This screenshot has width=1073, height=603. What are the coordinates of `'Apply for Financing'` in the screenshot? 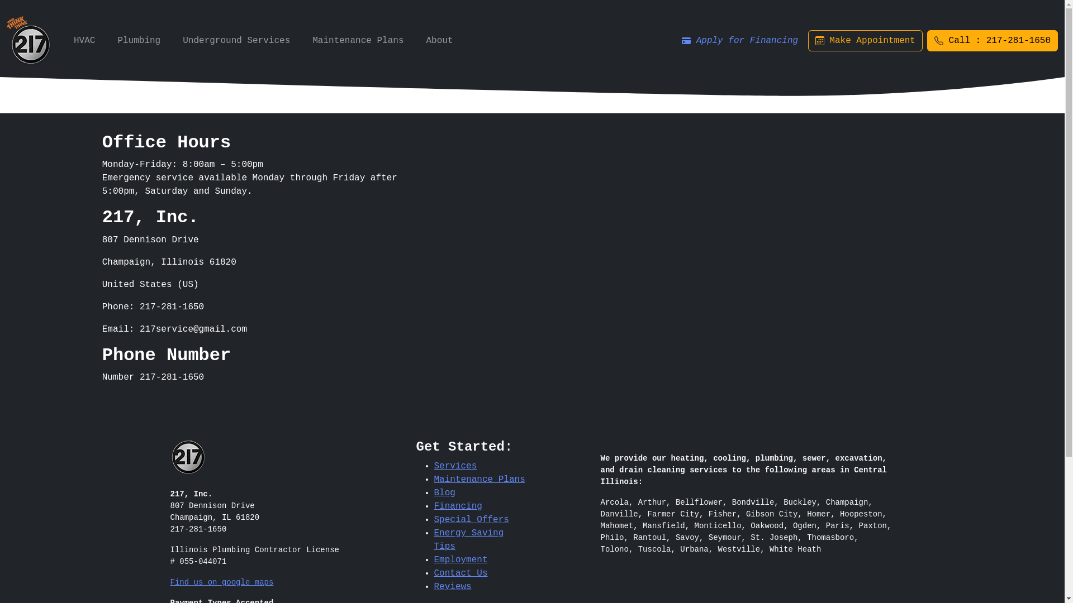 It's located at (740, 40).